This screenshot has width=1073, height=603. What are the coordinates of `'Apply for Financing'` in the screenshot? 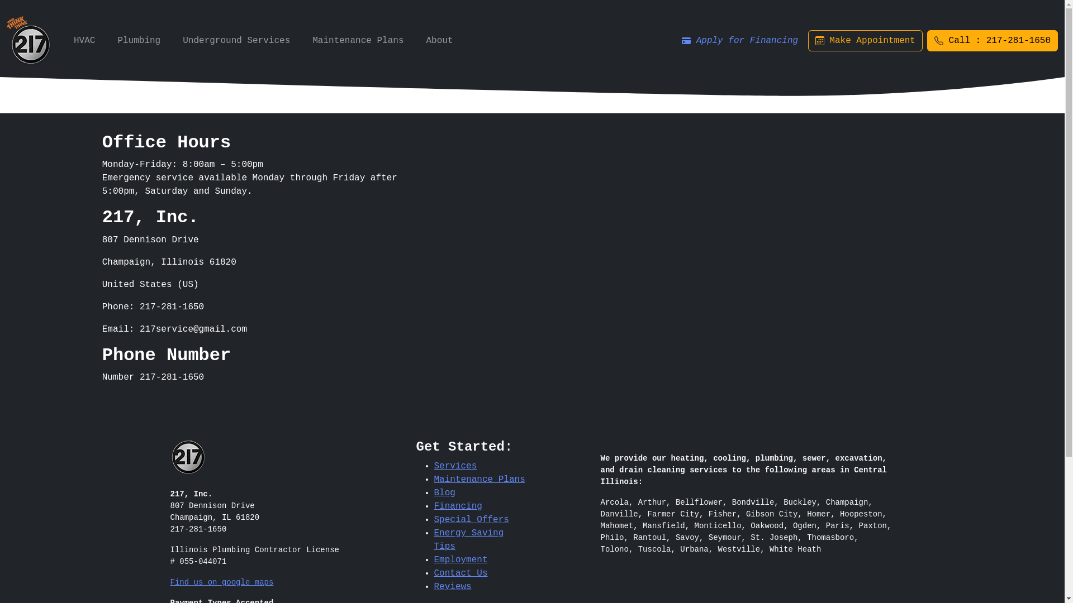 It's located at (740, 40).